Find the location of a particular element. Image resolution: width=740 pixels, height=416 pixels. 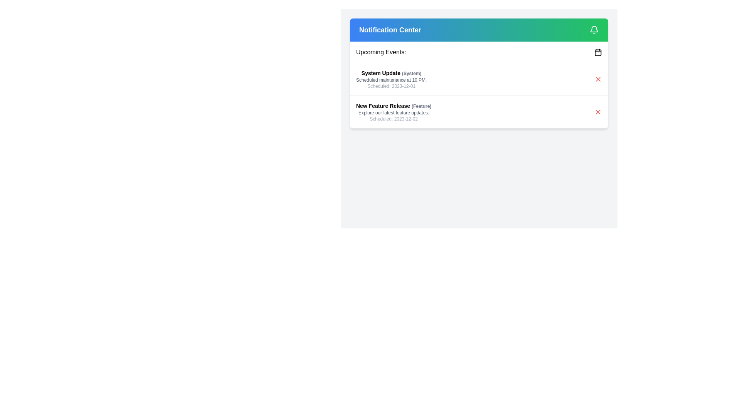

text from the title or heading text label located in the blue-to-green gradient header section of the notification box, which is left-aligned and centrally positioned is located at coordinates (390, 29).